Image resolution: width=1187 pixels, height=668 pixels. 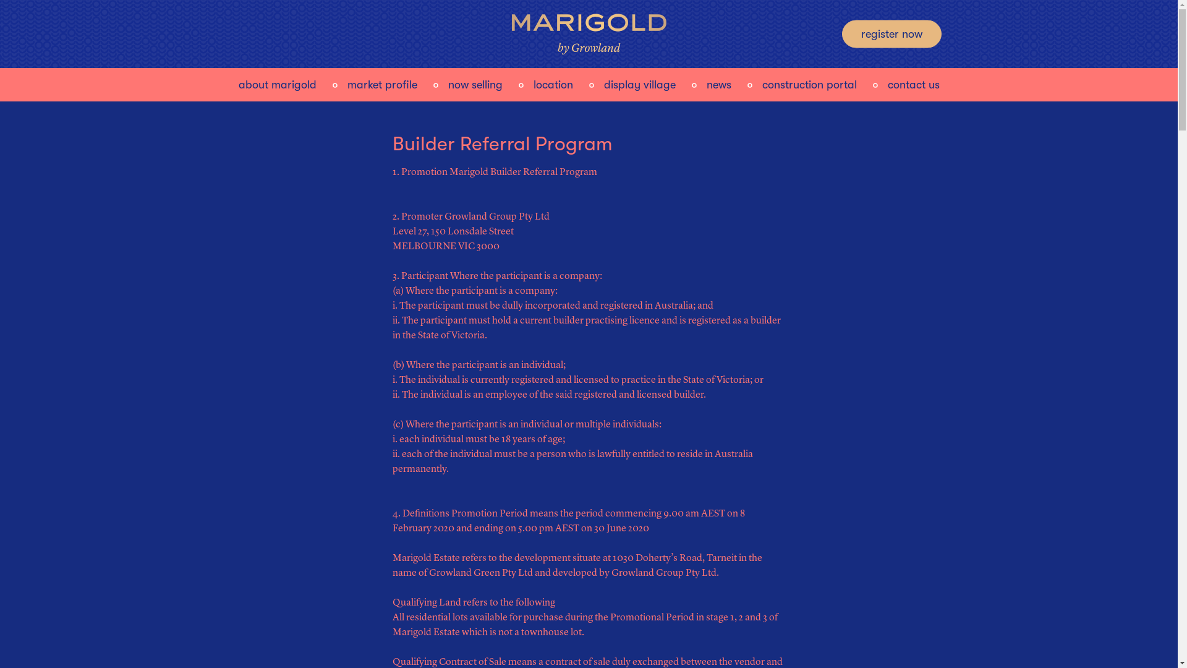 I want to click on 'news', so click(x=718, y=82).